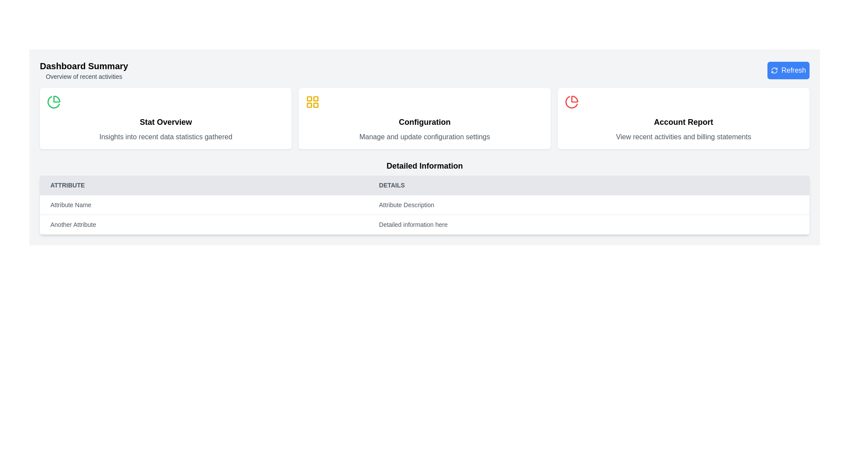 This screenshot has width=842, height=473. Describe the element at coordinates (425, 205) in the screenshot. I see `the first row in the 'Detailed Information' table under the 'Details' column, which presents an attribute with 'Another Attribute' below it` at that location.